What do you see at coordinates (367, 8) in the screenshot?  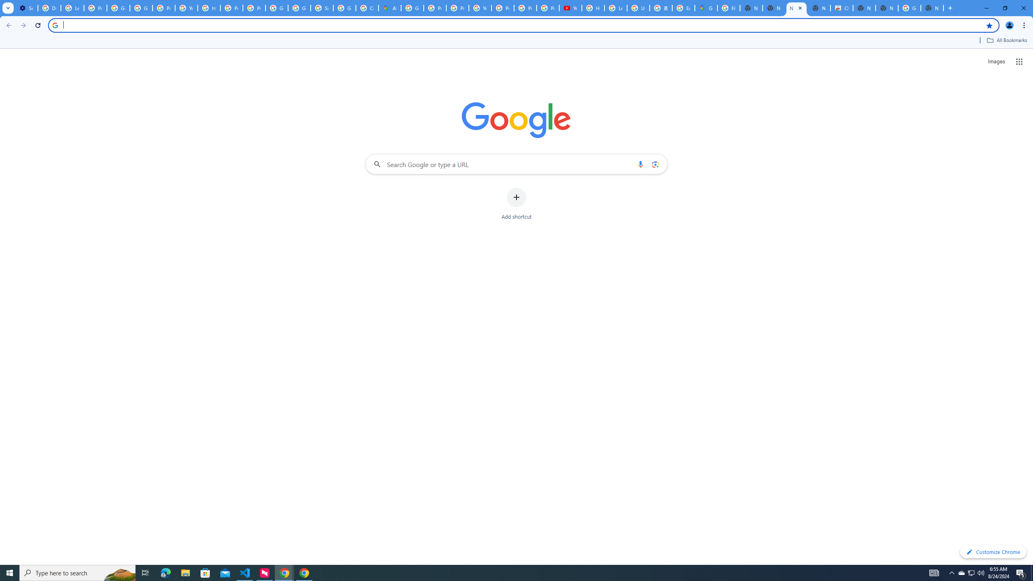 I see `'Create your Google Account'` at bounding box center [367, 8].